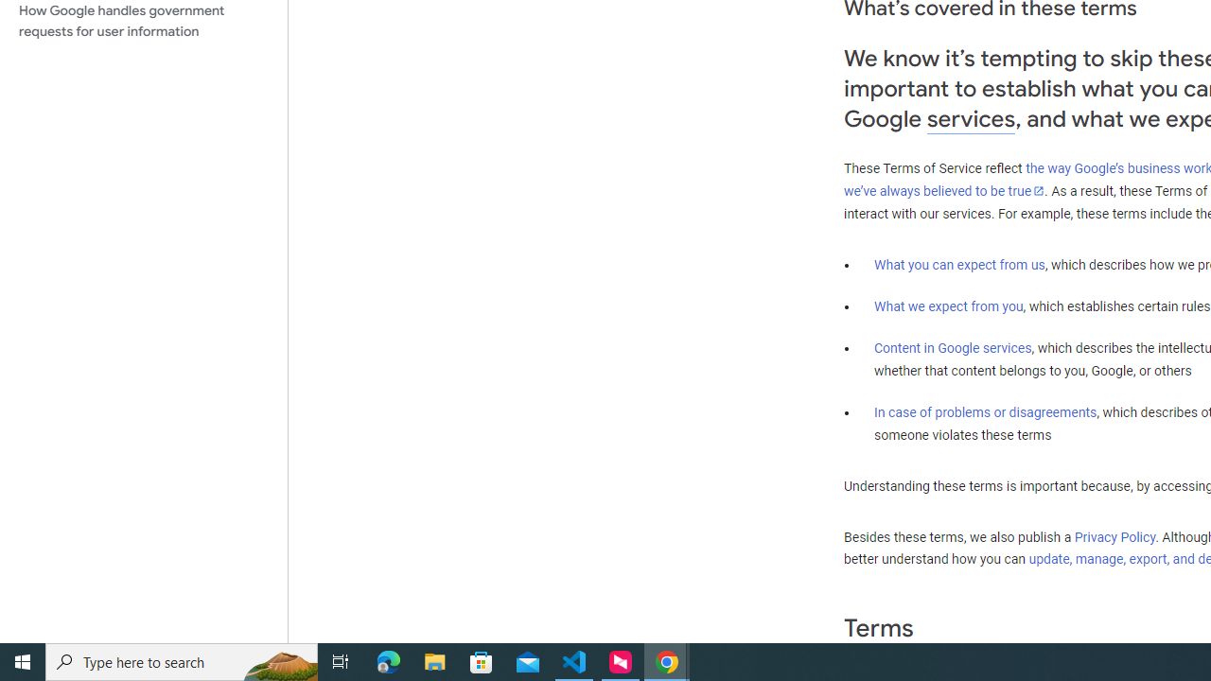 The width and height of the screenshot is (1211, 681). What do you see at coordinates (948, 306) in the screenshot?
I see `'What we expect from you'` at bounding box center [948, 306].